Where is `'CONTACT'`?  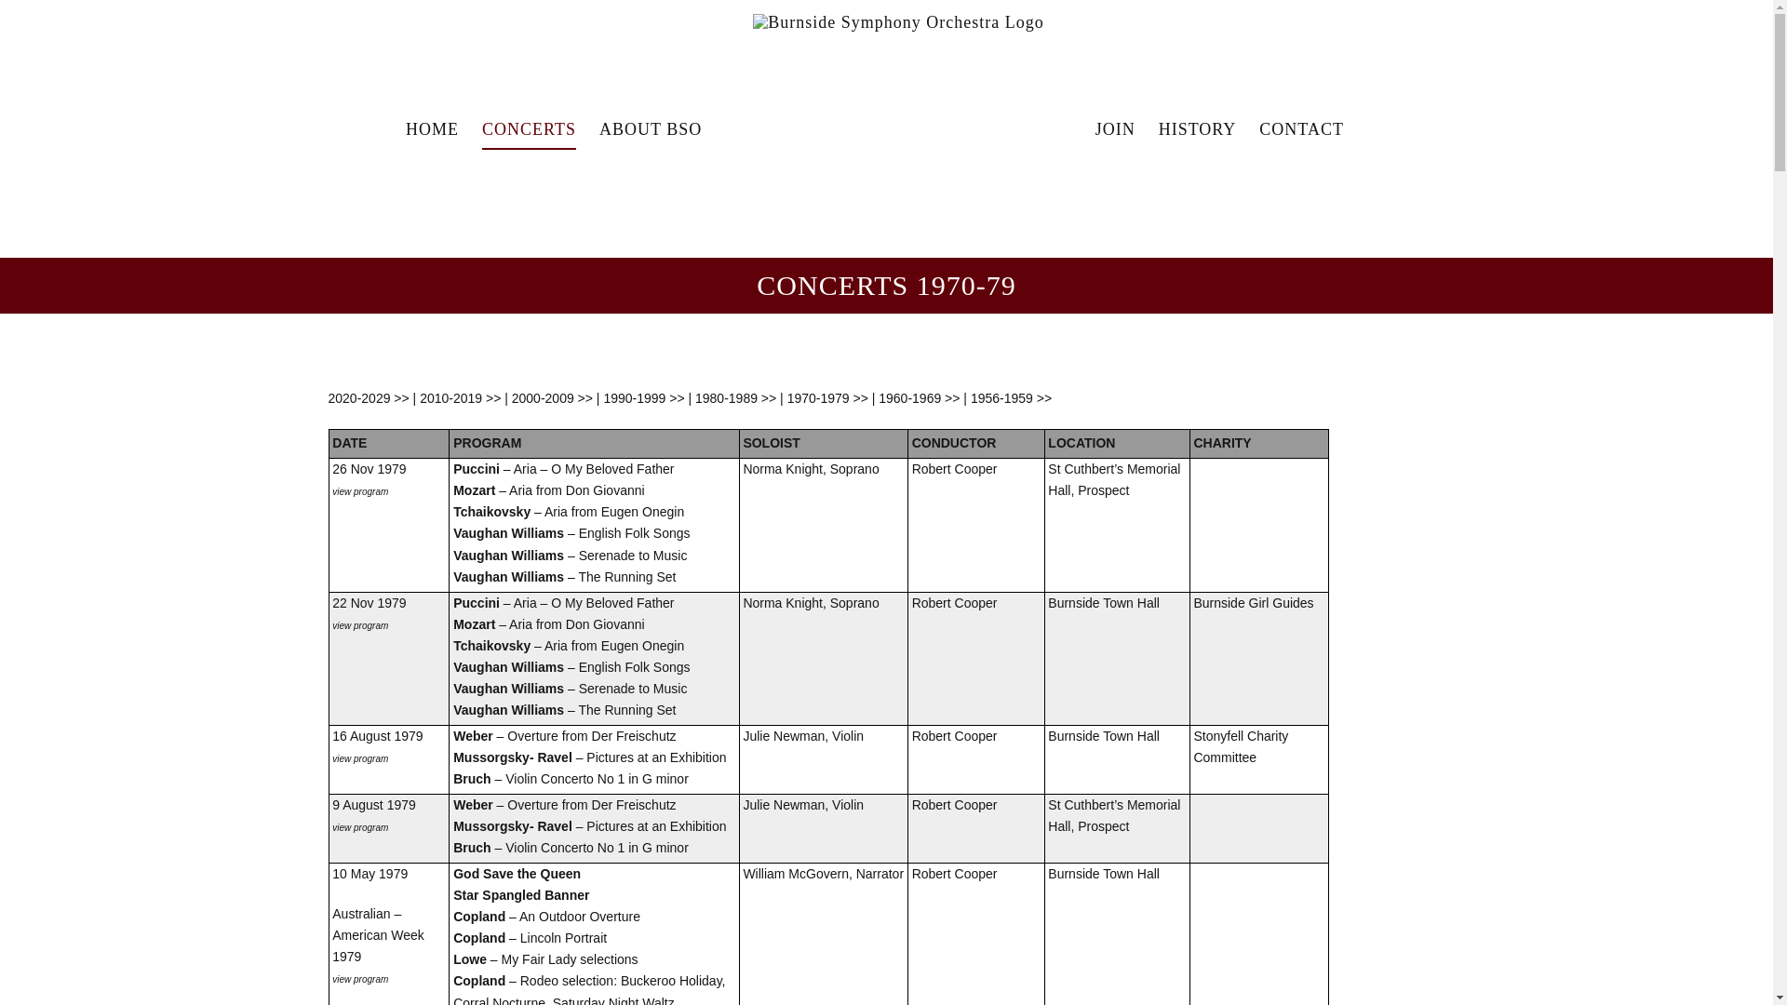
'CONTACT' is located at coordinates (1259, 127).